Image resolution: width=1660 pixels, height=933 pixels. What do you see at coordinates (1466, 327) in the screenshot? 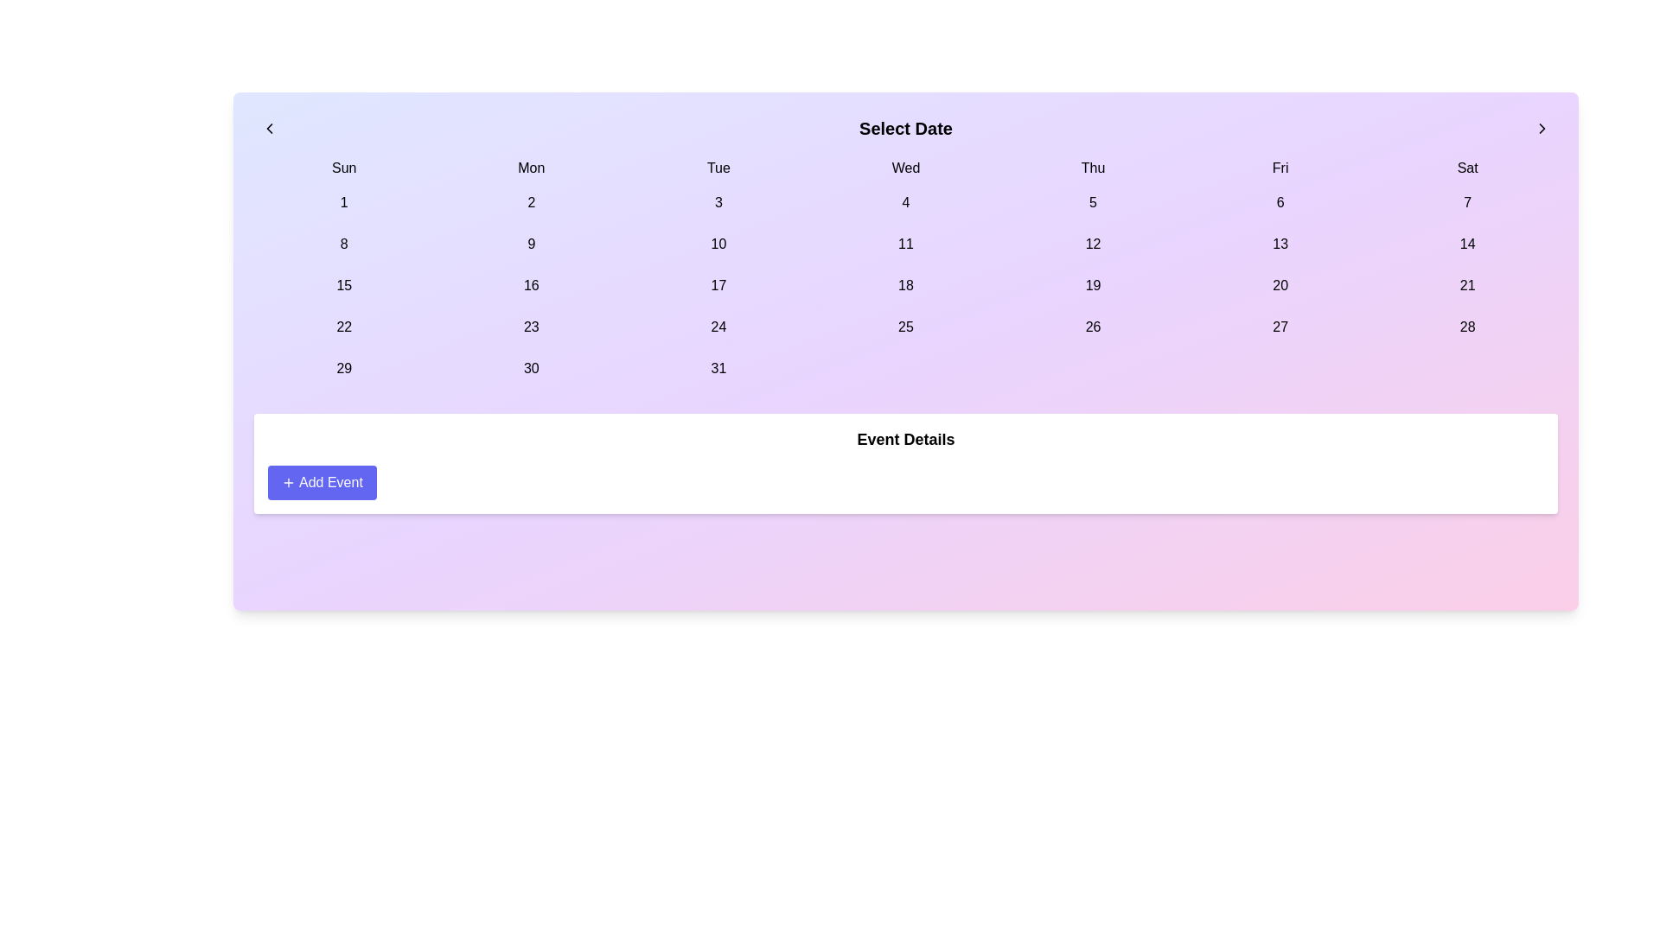
I see `the button displaying the number '28' in a bold font, located in the last cell of the 4th week's column of the calendar grid` at bounding box center [1466, 327].